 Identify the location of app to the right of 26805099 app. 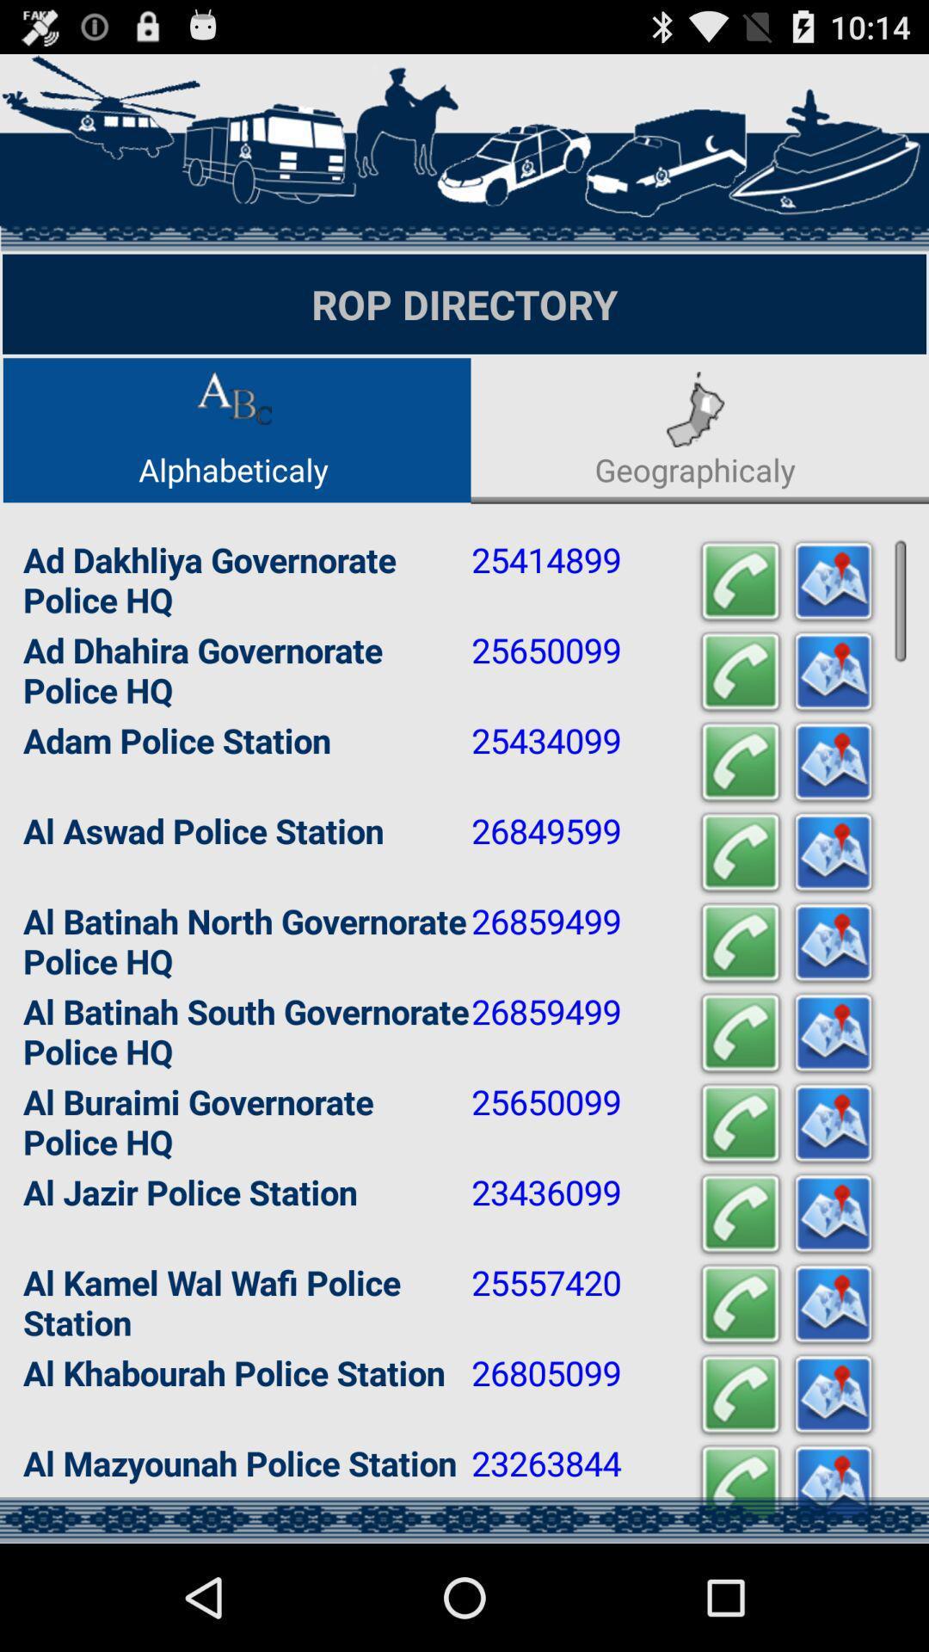
(739, 1395).